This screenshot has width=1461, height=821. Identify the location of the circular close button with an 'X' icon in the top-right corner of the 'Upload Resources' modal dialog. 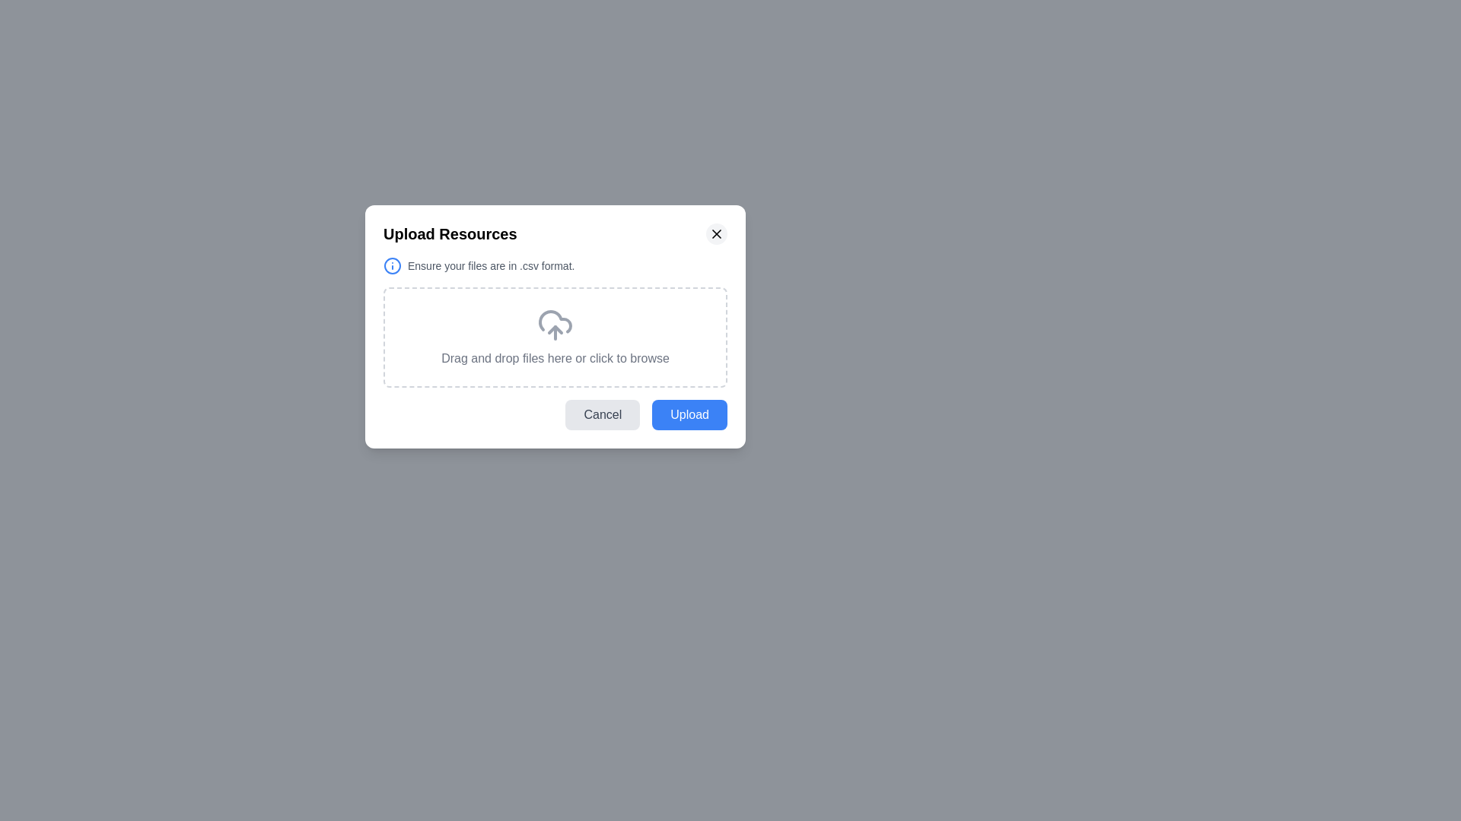
(715, 234).